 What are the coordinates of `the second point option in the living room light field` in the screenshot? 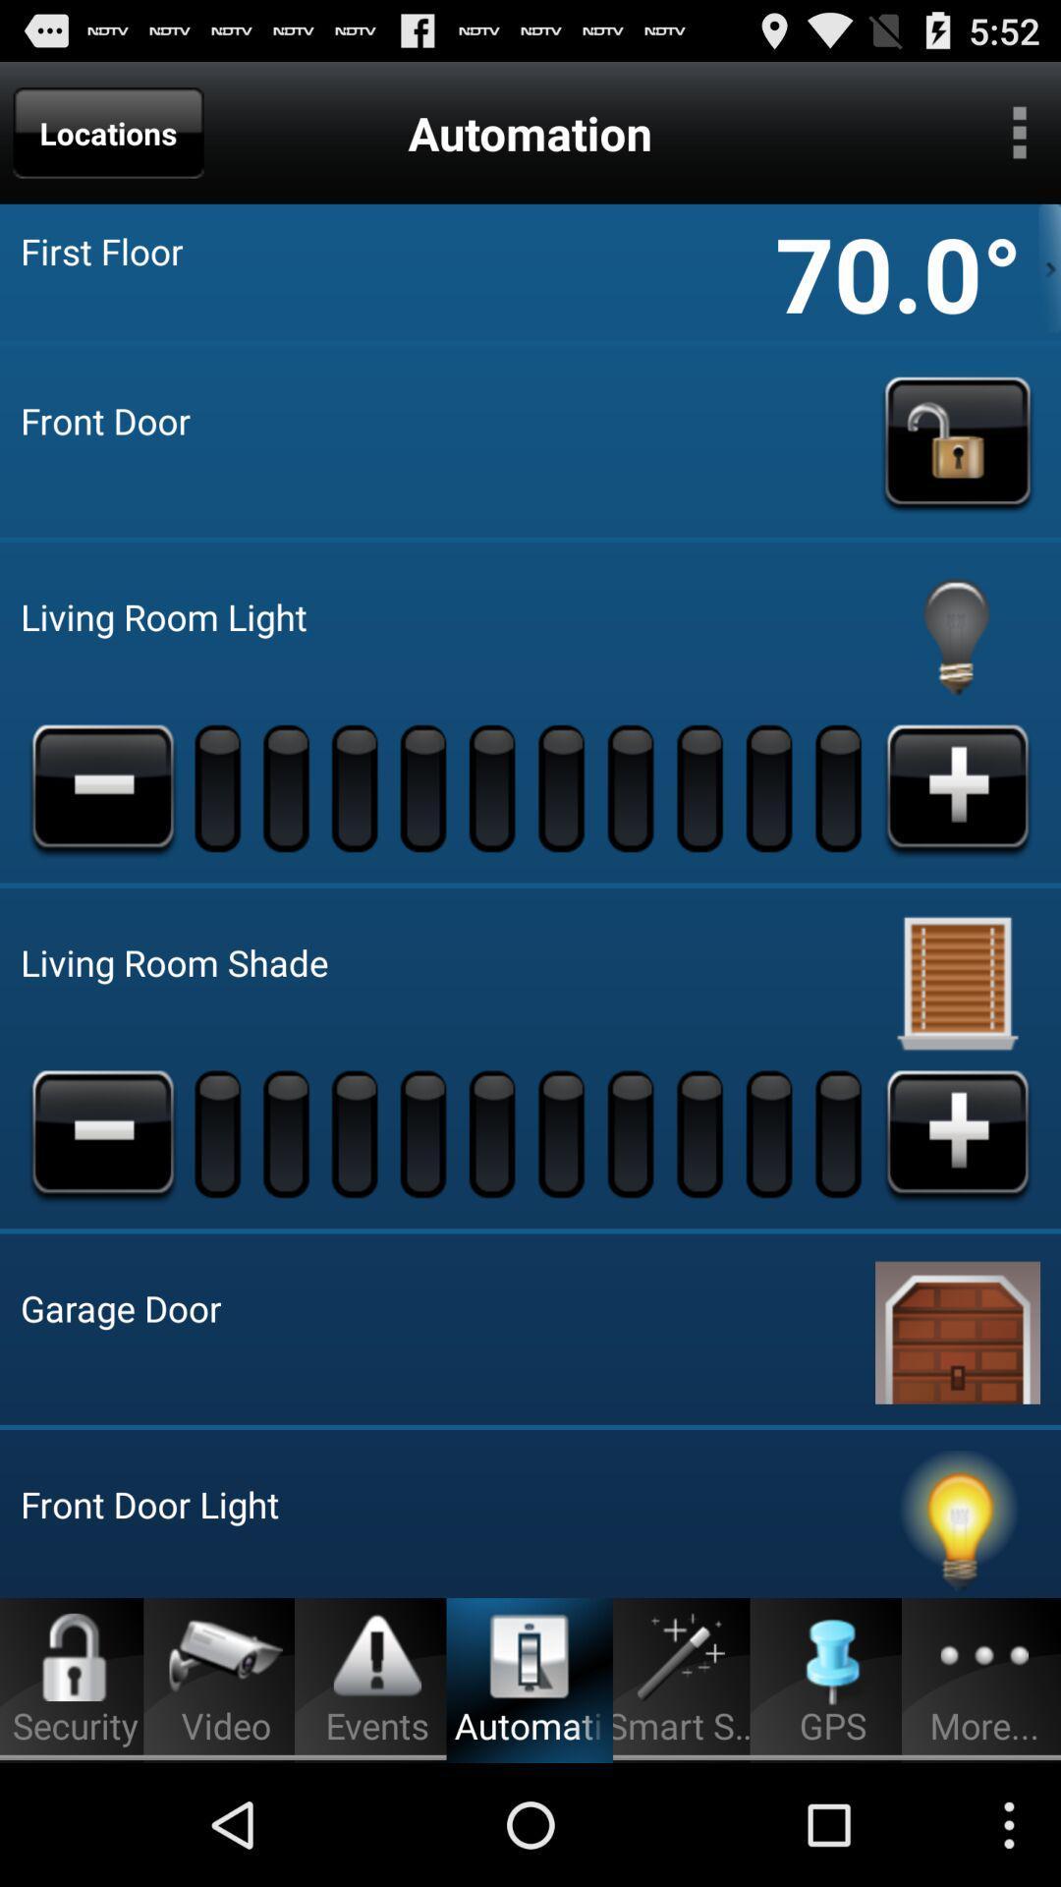 It's located at (288, 787).